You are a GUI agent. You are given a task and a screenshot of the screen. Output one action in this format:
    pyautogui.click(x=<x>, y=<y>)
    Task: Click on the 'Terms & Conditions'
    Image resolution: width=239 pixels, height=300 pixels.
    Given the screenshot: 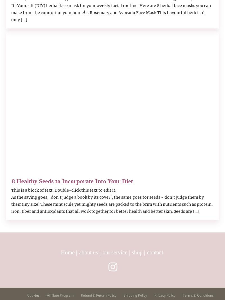 What is the action you would take?
    pyautogui.click(x=182, y=295)
    